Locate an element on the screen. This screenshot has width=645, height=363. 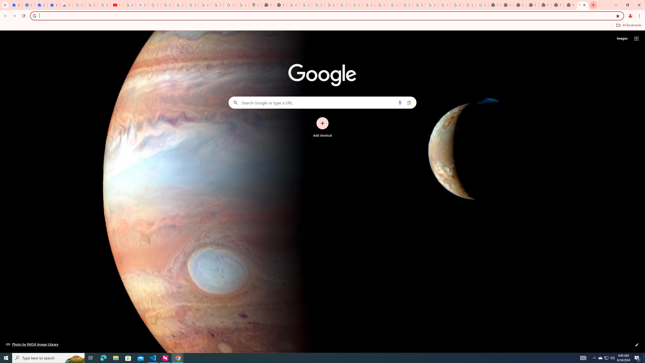
'YouTube' is located at coordinates (444, 5).